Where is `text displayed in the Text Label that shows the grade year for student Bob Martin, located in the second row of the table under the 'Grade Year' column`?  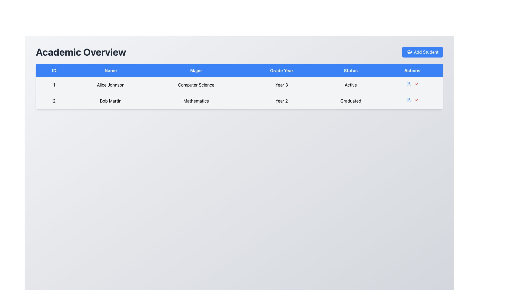 text displayed in the Text Label that shows the grade year for student Bob Martin, located in the second row of the table under the 'Grade Year' column is located at coordinates (282, 101).